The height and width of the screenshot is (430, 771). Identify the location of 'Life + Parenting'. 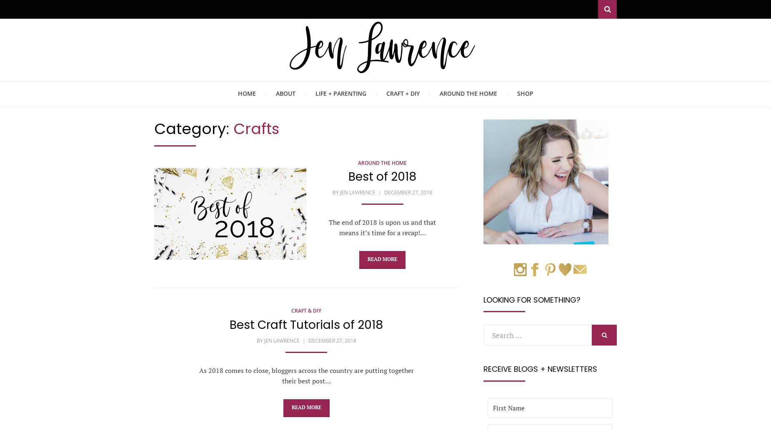
(340, 93).